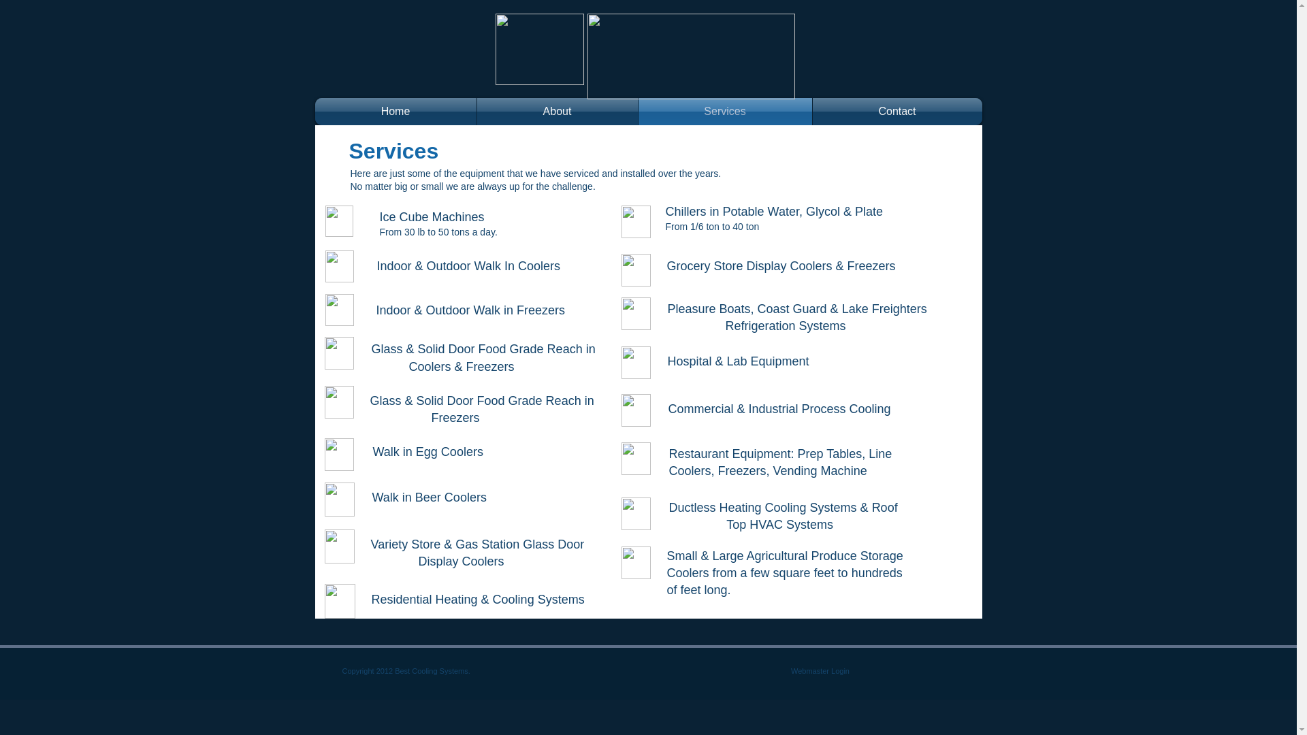 The image size is (1307, 735). Describe the element at coordinates (897, 111) in the screenshot. I see `'Contact'` at that location.